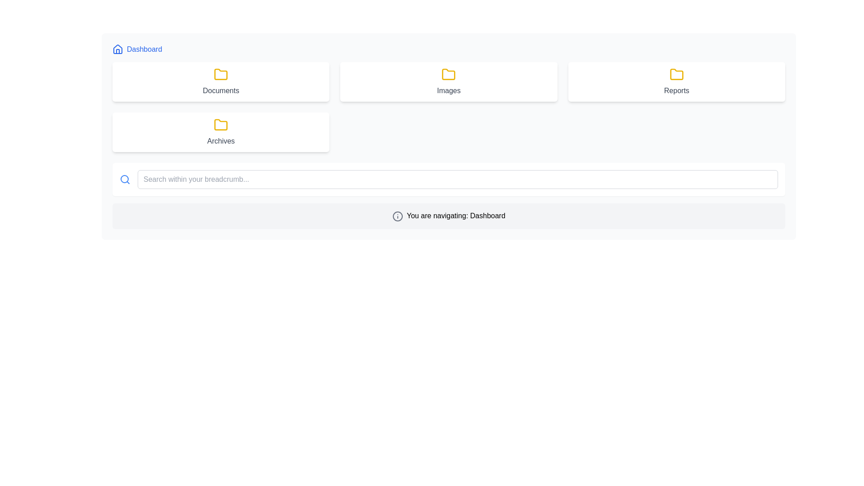  What do you see at coordinates (449, 81) in the screenshot?
I see `the 'Images' navigational tile located in the middle slot of a grid layout` at bounding box center [449, 81].